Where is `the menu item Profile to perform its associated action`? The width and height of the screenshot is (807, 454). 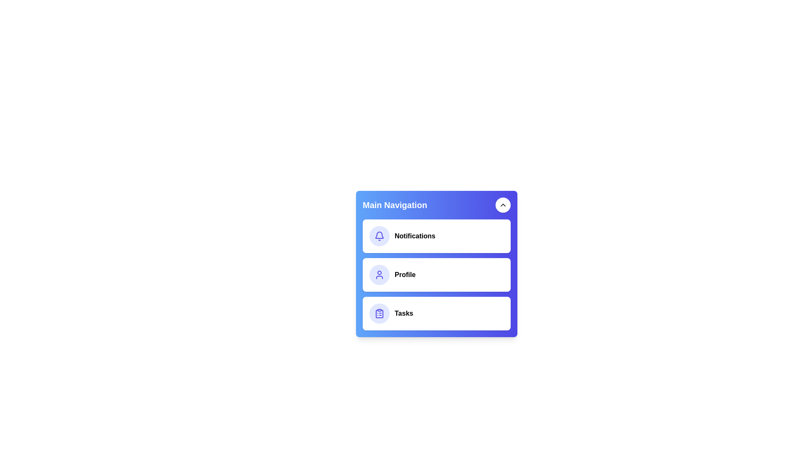
the menu item Profile to perform its associated action is located at coordinates (436, 275).